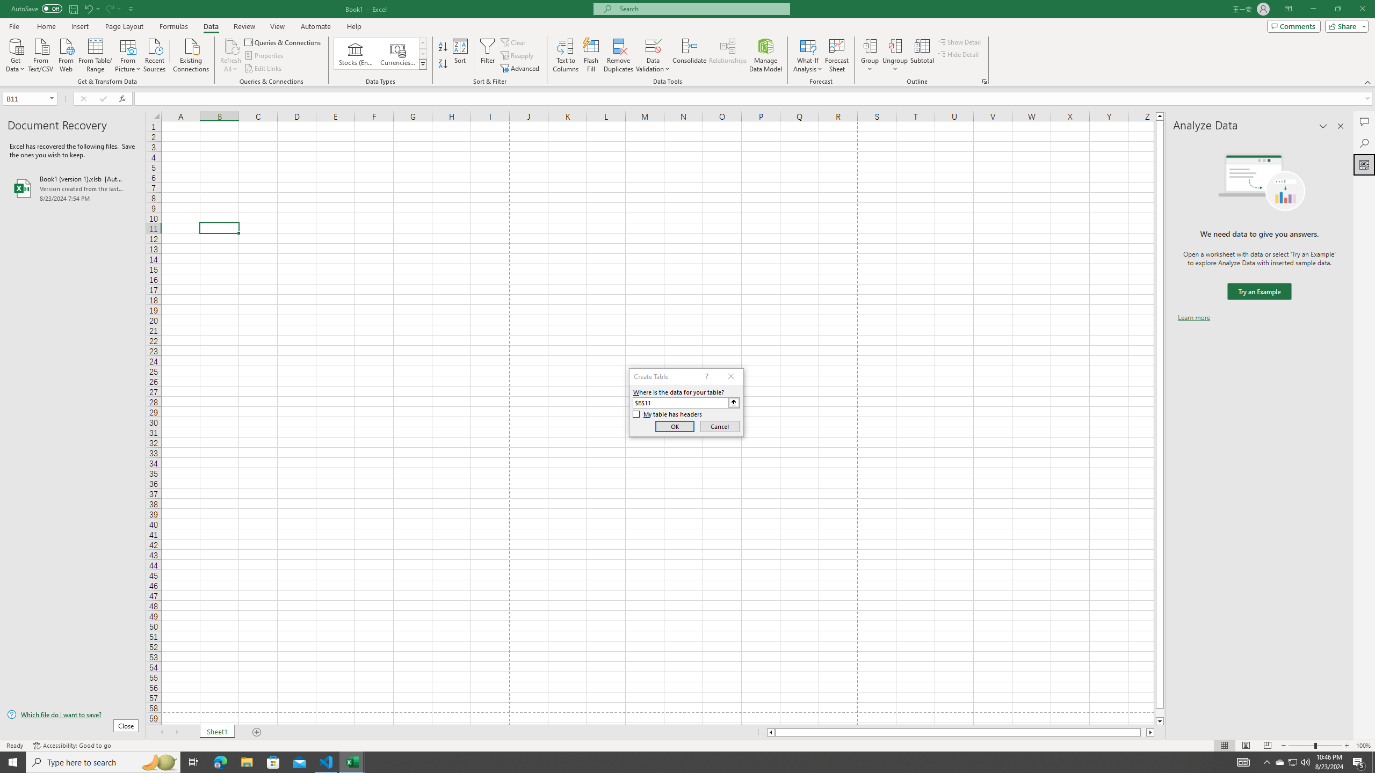 This screenshot has height=773, width=1375. Describe the element at coordinates (423, 53) in the screenshot. I see `'Row Down'` at that location.